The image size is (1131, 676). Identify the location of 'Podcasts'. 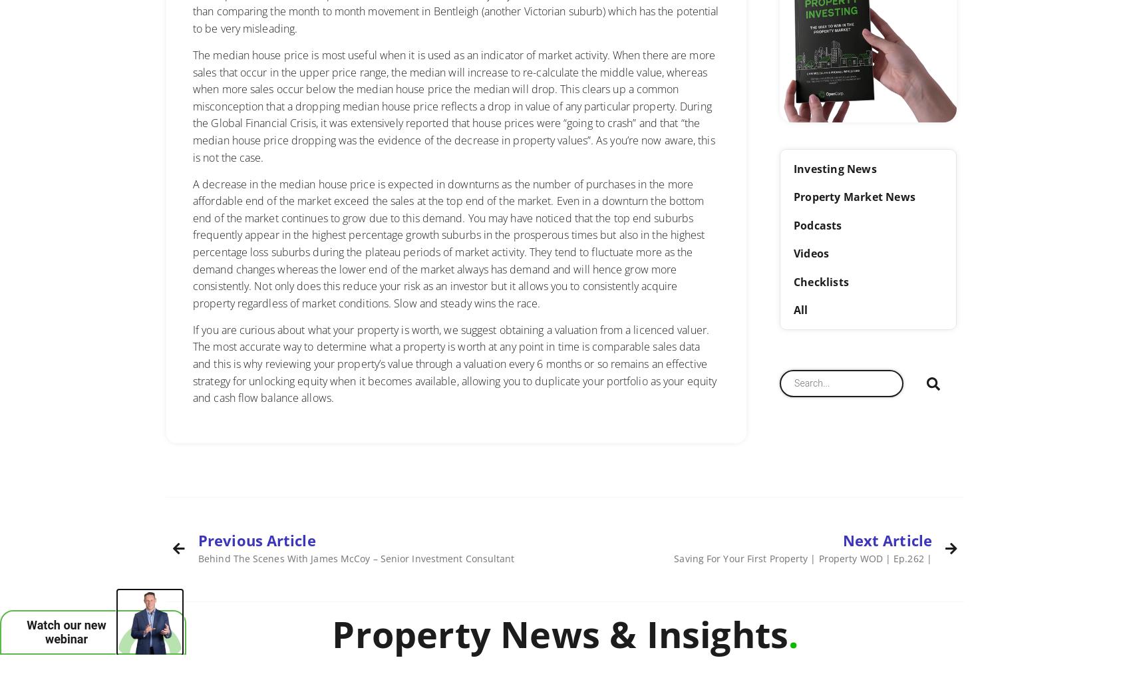
(816, 225).